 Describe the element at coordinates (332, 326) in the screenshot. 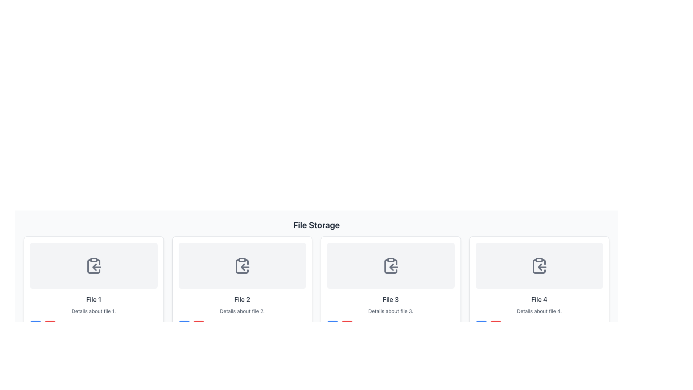

I see `the first button located beneath the card labeled 'File 3' in the file display grid` at that location.